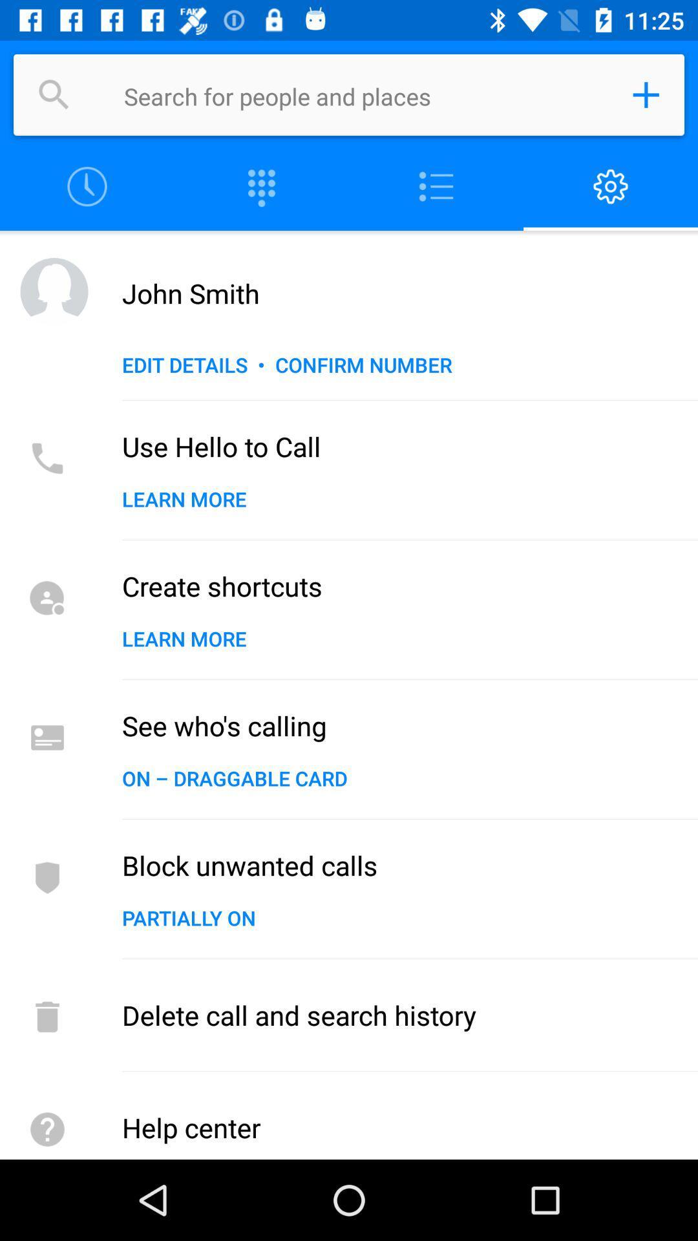 The height and width of the screenshot is (1241, 698). I want to click on the add icon, so click(646, 94).